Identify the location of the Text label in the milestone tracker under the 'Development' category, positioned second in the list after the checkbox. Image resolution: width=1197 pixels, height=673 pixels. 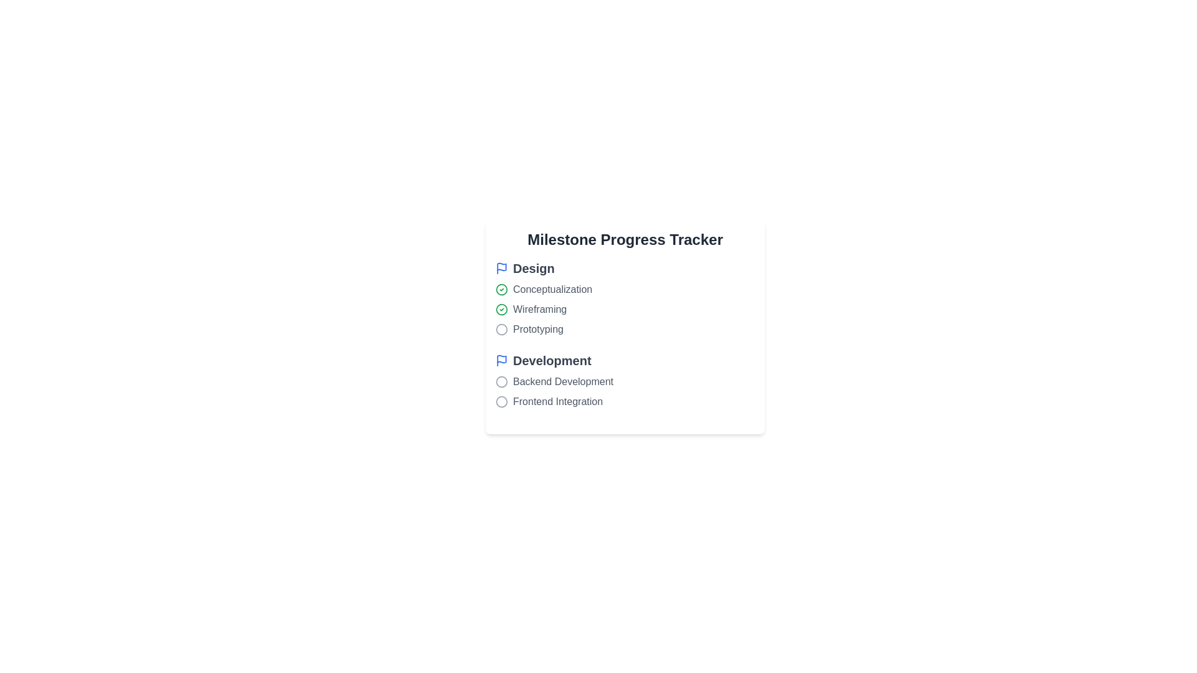
(562, 381).